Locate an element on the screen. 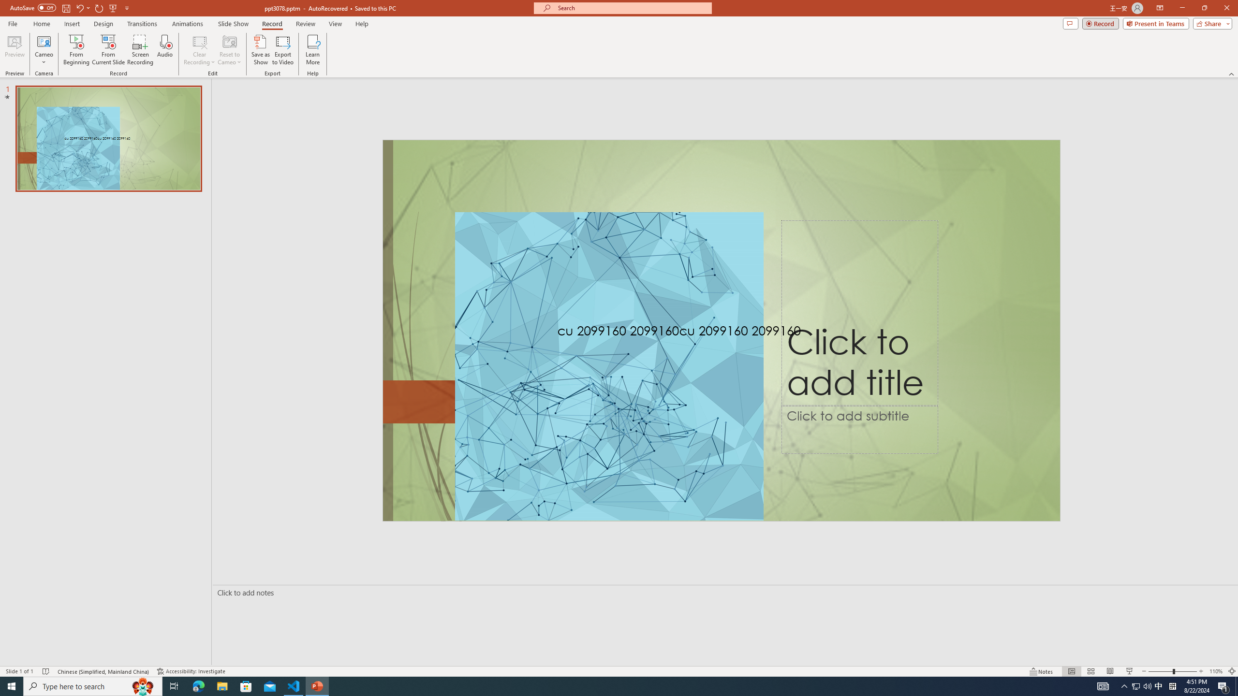 The width and height of the screenshot is (1238, 696). 'Collapse the Ribbon' is located at coordinates (1232, 74).